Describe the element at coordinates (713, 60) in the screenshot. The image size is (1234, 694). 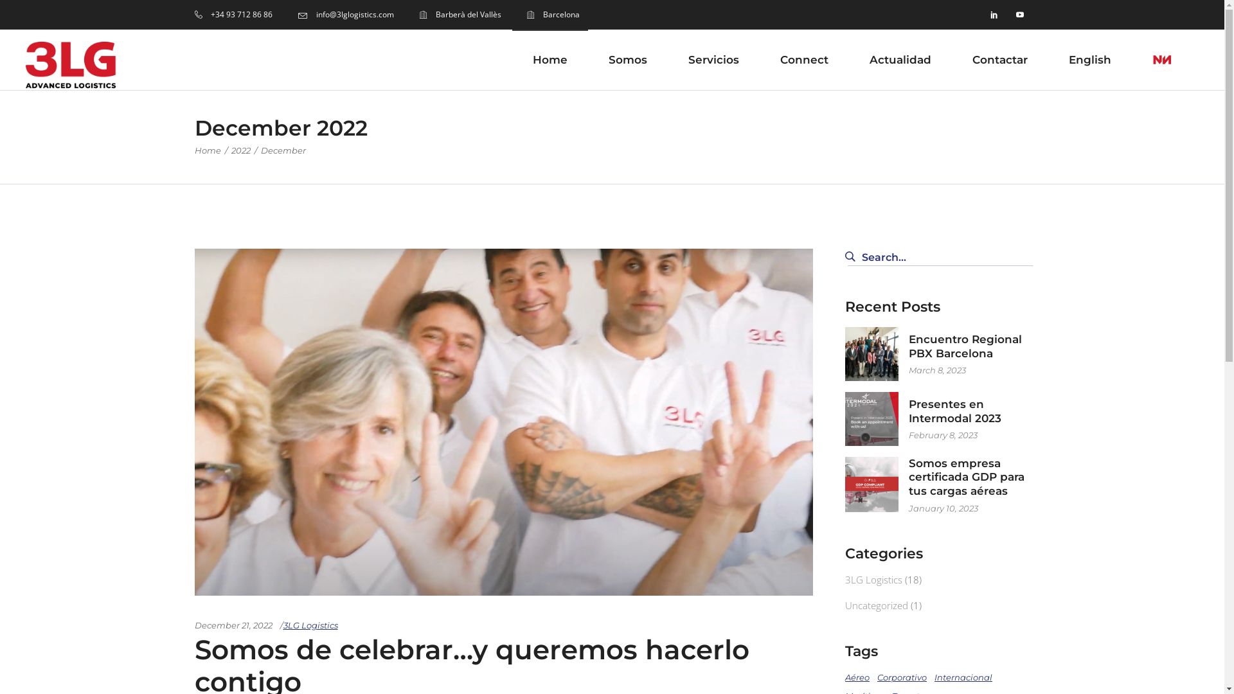
I see `'Servicios'` at that location.